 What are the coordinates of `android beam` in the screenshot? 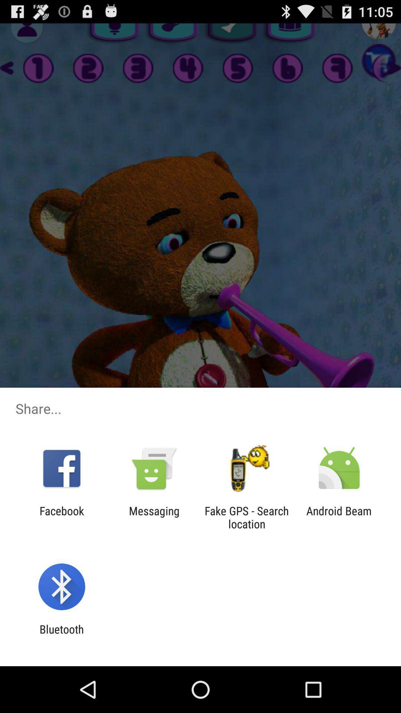 It's located at (339, 517).